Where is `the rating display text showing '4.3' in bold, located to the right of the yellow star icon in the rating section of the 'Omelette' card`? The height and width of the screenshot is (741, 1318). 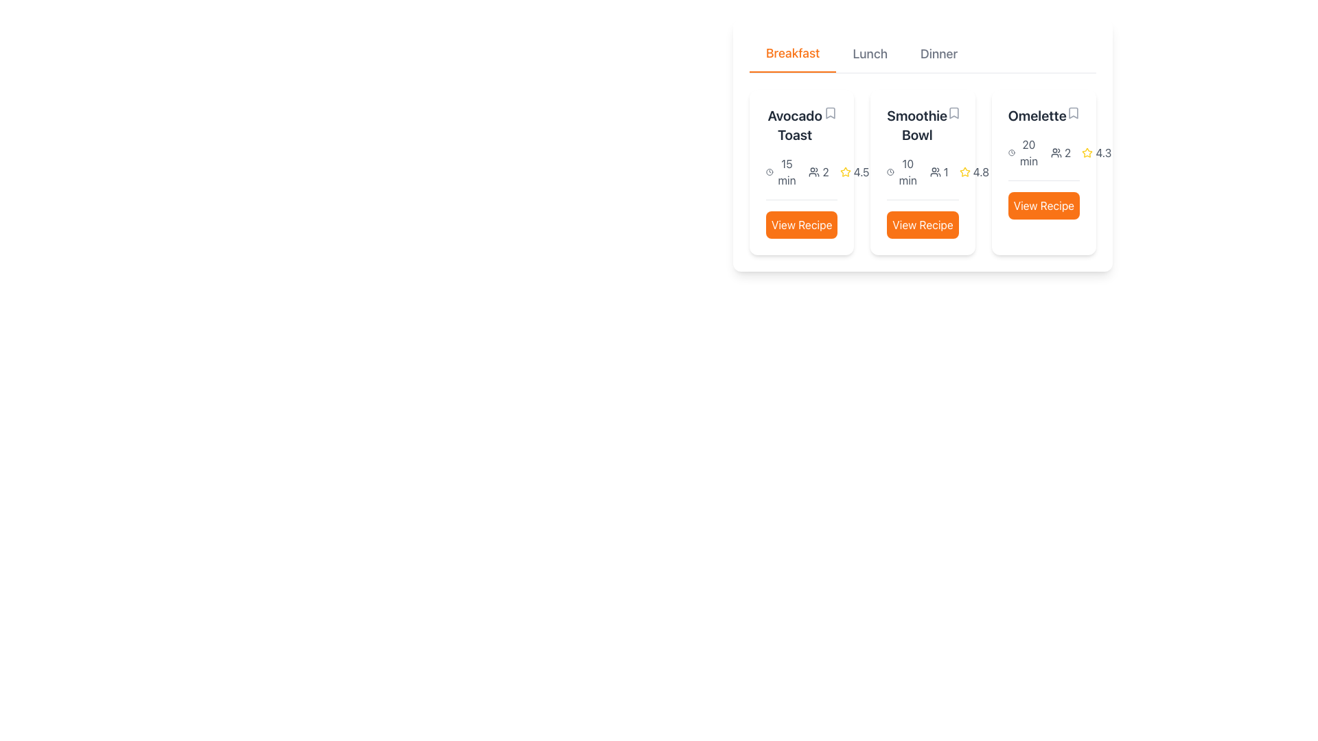 the rating display text showing '4.3' in bold, located to the right of the yellow star icon in the rating section of the 'Omelette' card is located at coordinates (1103, 153).